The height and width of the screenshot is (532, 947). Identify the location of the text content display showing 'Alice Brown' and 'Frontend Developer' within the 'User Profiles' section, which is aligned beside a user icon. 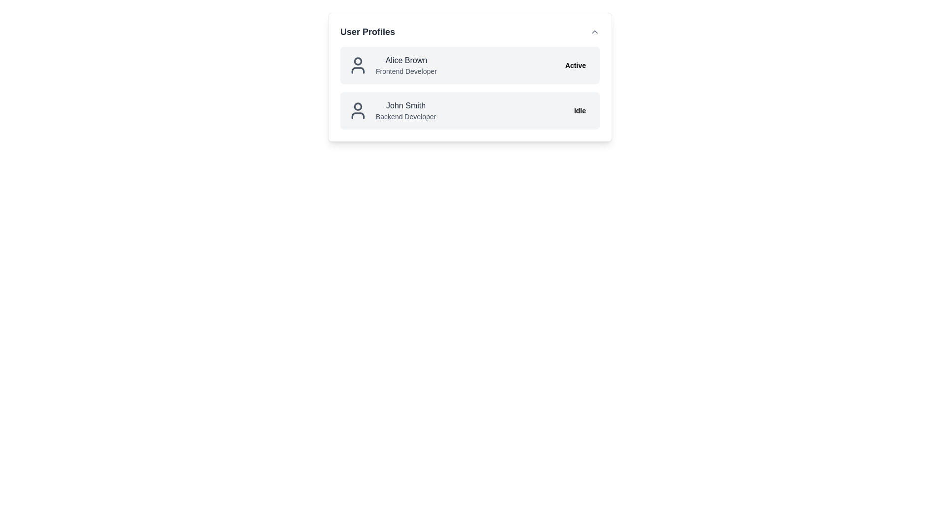
(406, 65).